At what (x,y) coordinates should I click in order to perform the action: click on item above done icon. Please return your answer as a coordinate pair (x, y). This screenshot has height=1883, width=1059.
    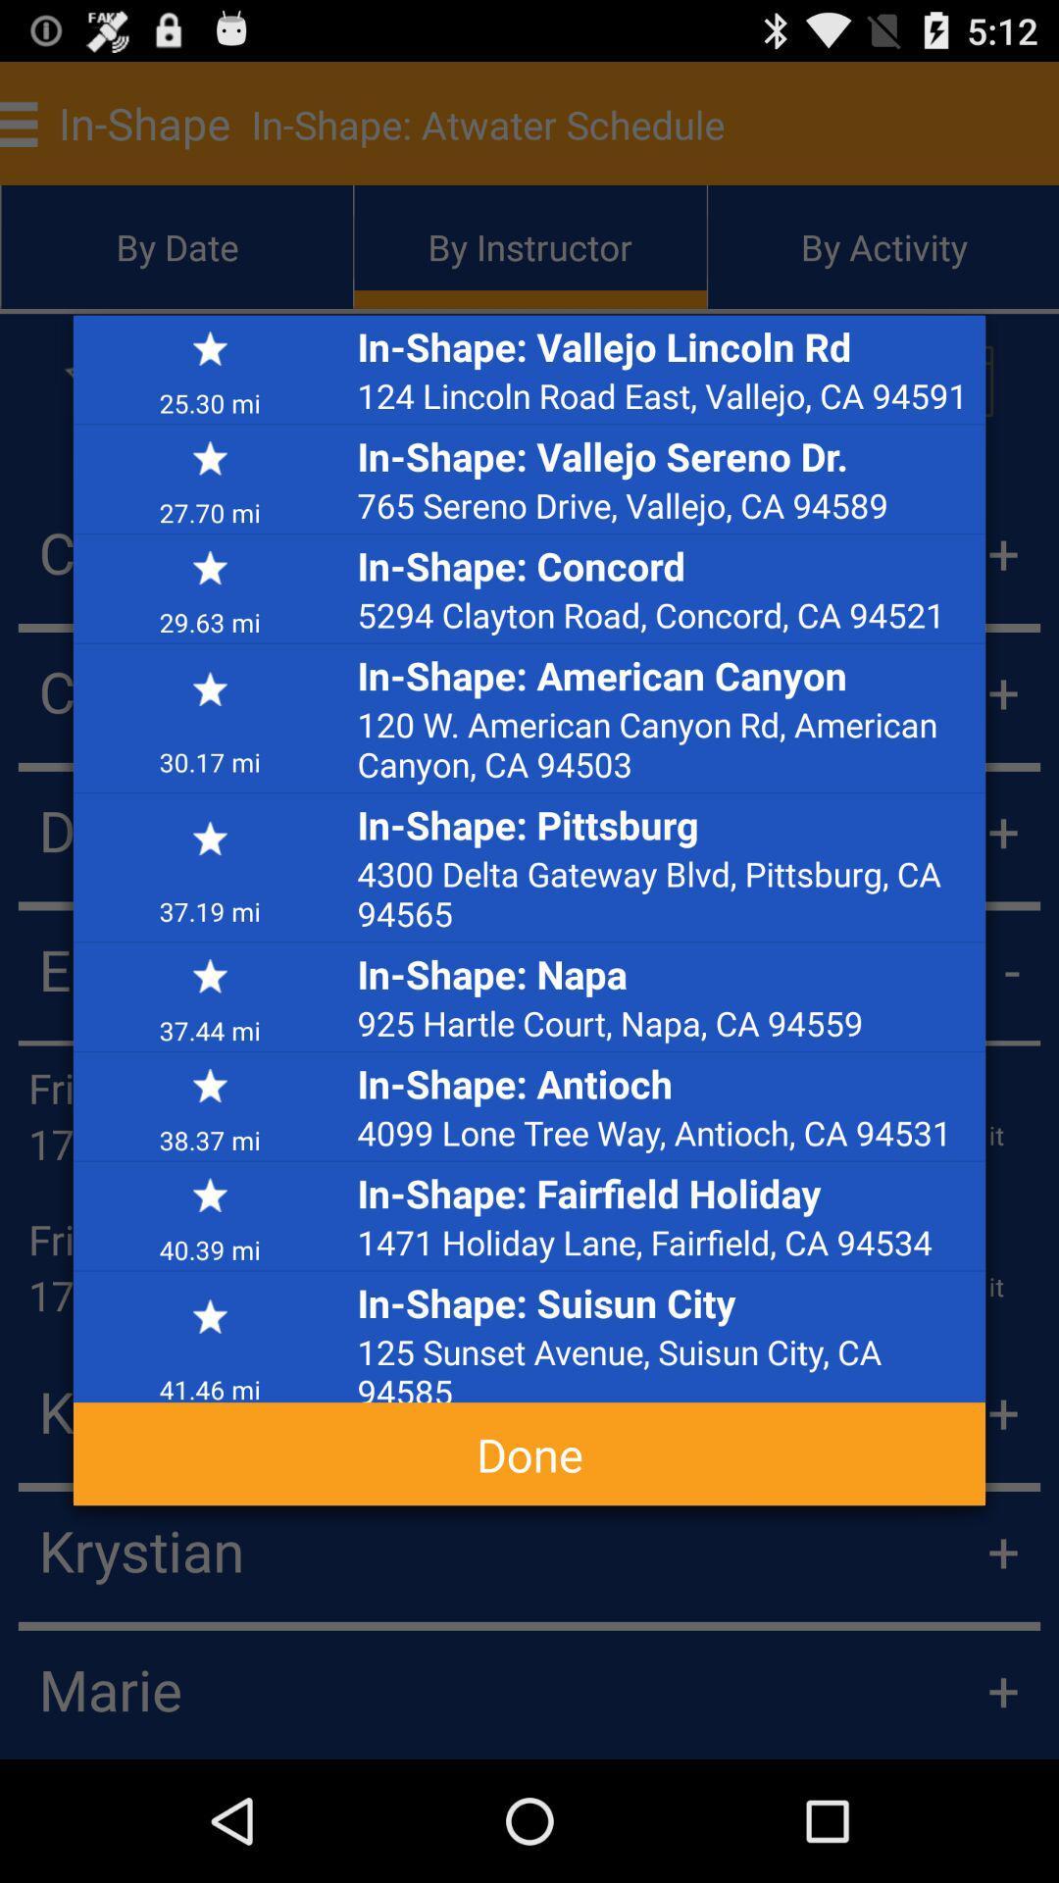
    Looking at the image, I should click on (210, 1380).